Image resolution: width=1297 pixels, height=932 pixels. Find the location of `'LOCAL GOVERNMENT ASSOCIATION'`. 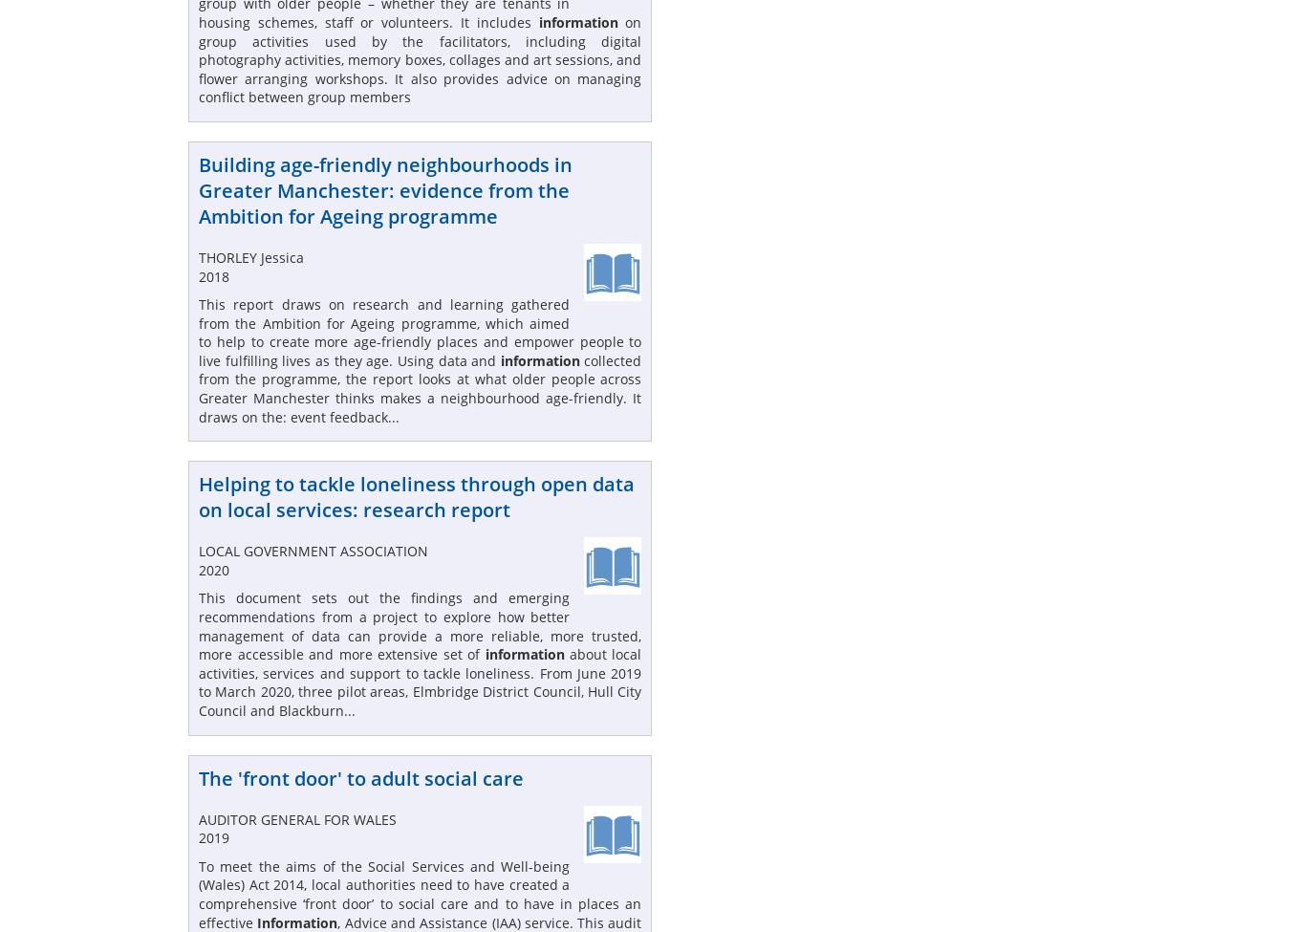

'LOCAL GOVERNMENT ASSOCIATION' is located at coordinates (199, 550).